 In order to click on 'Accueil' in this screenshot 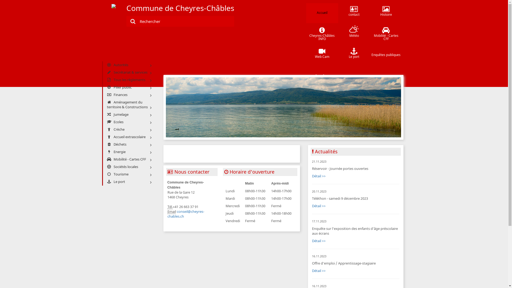, I will do `click(322, 13)`.